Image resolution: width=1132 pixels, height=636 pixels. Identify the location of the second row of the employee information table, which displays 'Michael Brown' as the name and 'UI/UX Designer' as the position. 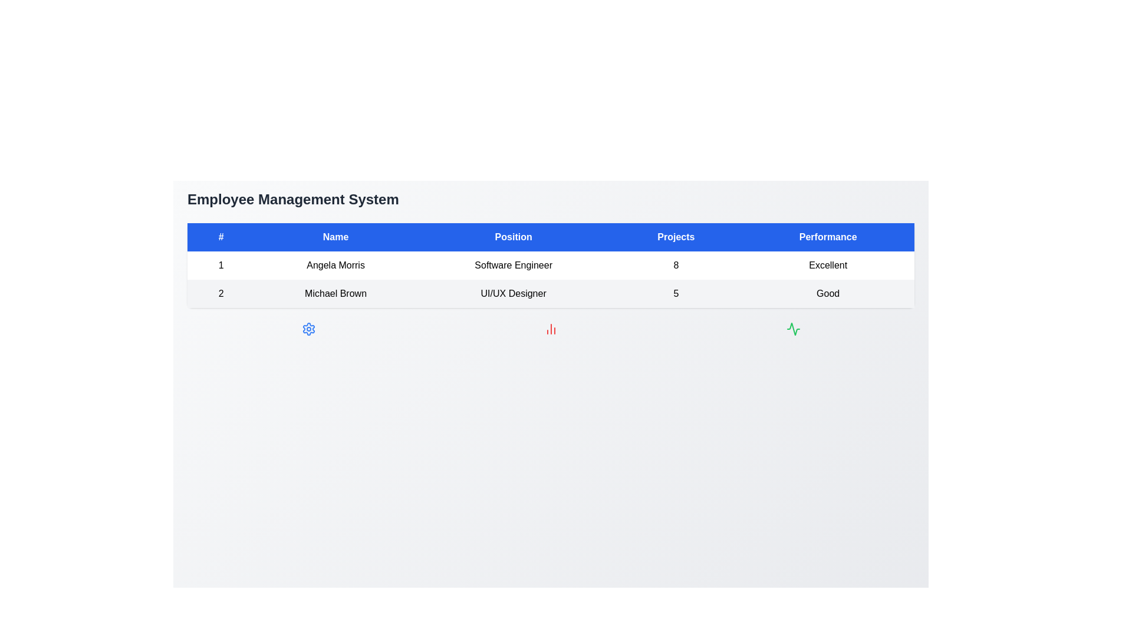
(550, 293).